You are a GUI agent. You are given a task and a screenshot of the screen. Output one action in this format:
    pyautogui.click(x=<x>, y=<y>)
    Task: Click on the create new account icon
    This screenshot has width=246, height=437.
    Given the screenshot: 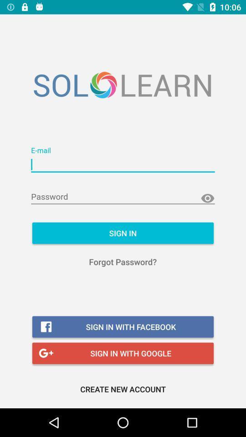 What is the action you would take?
    pyautogui.click(x=123, y=388)
    